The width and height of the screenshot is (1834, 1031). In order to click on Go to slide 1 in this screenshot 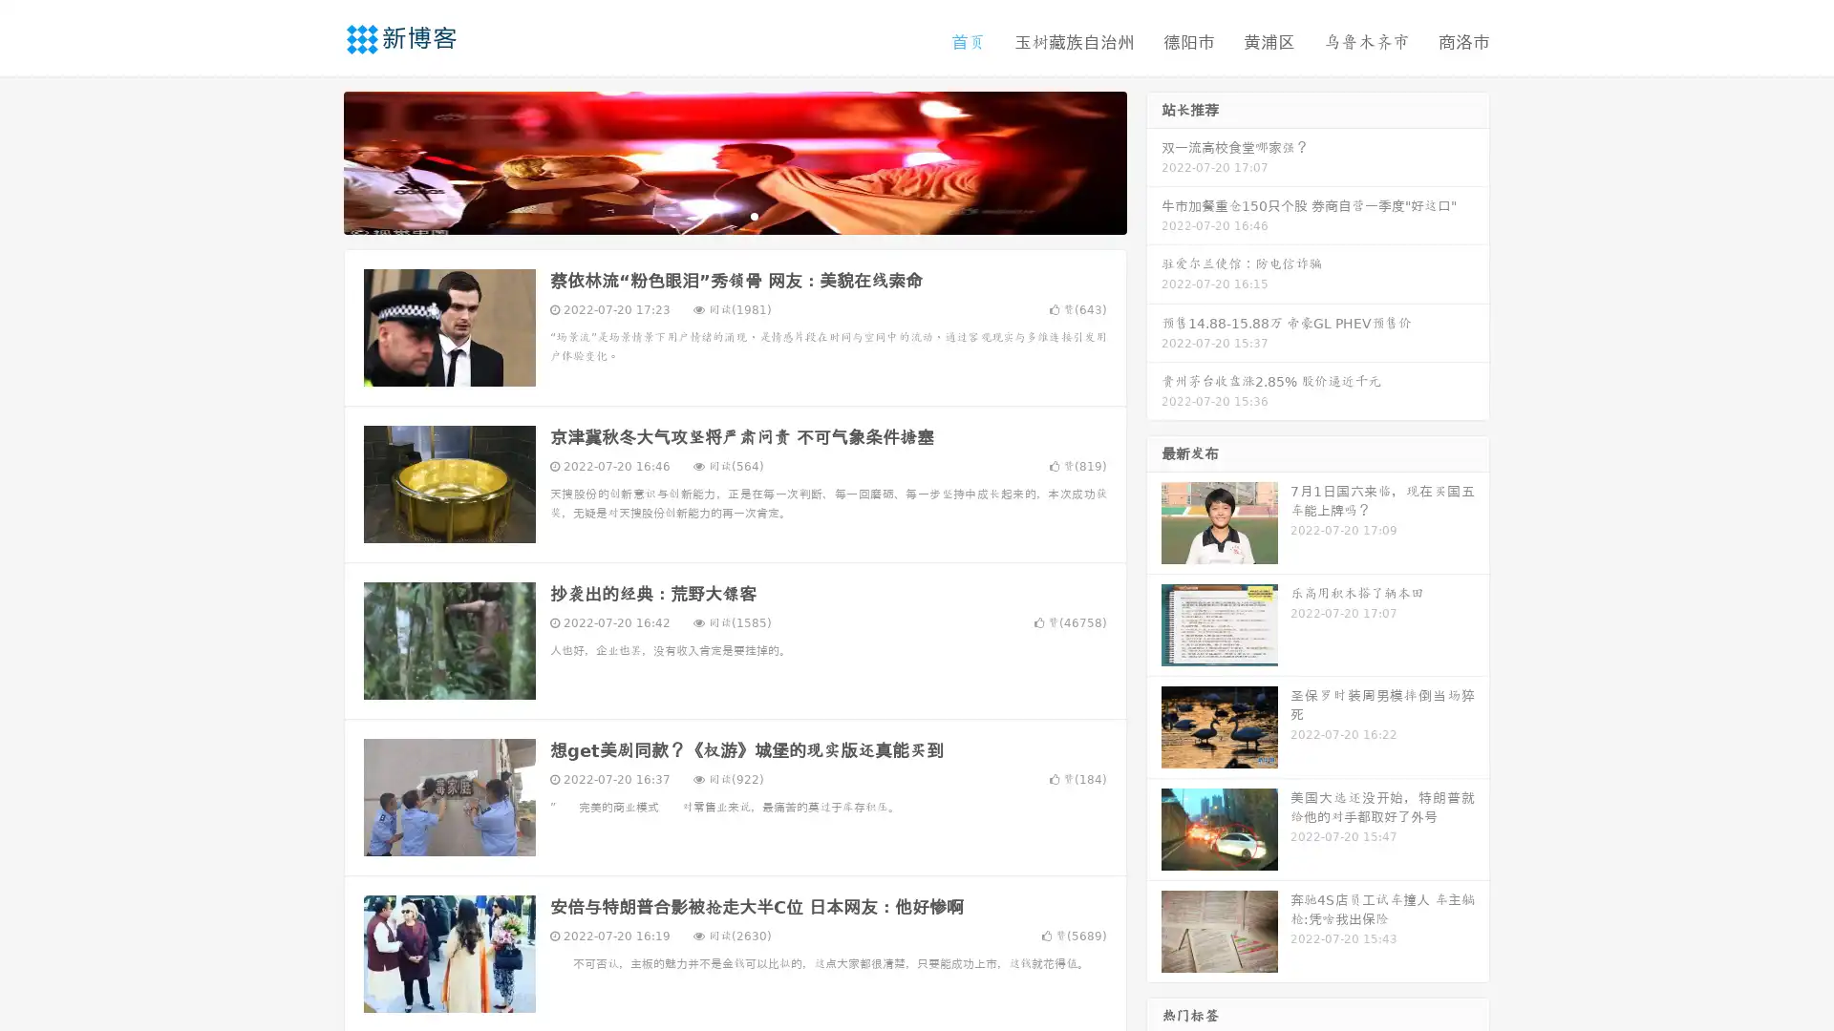, I will do `click(714, 215)`.